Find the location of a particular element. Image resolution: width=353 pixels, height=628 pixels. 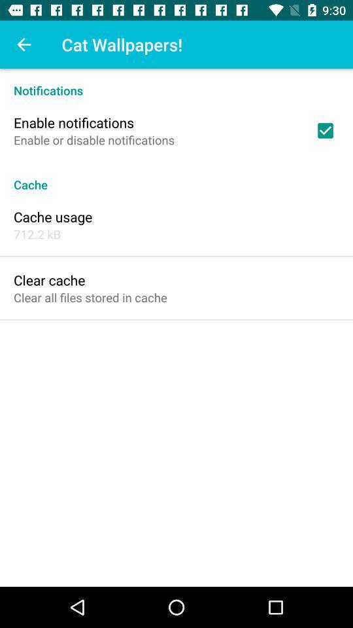

item next to the cat wallpapers! icon is located at coordinates (24, 44).